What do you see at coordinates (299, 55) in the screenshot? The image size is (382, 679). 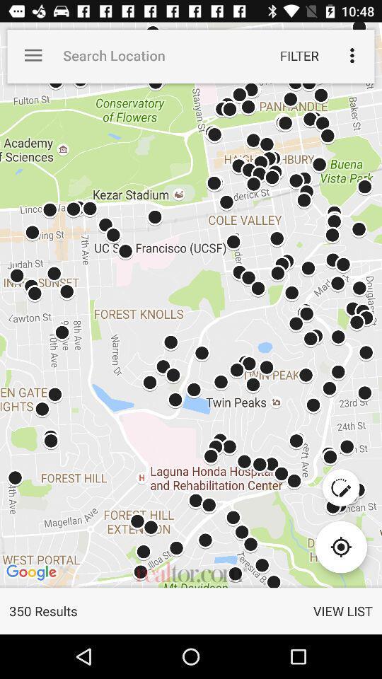 I see `the icon to the right of the search location item` at bounding box center [299, 55].